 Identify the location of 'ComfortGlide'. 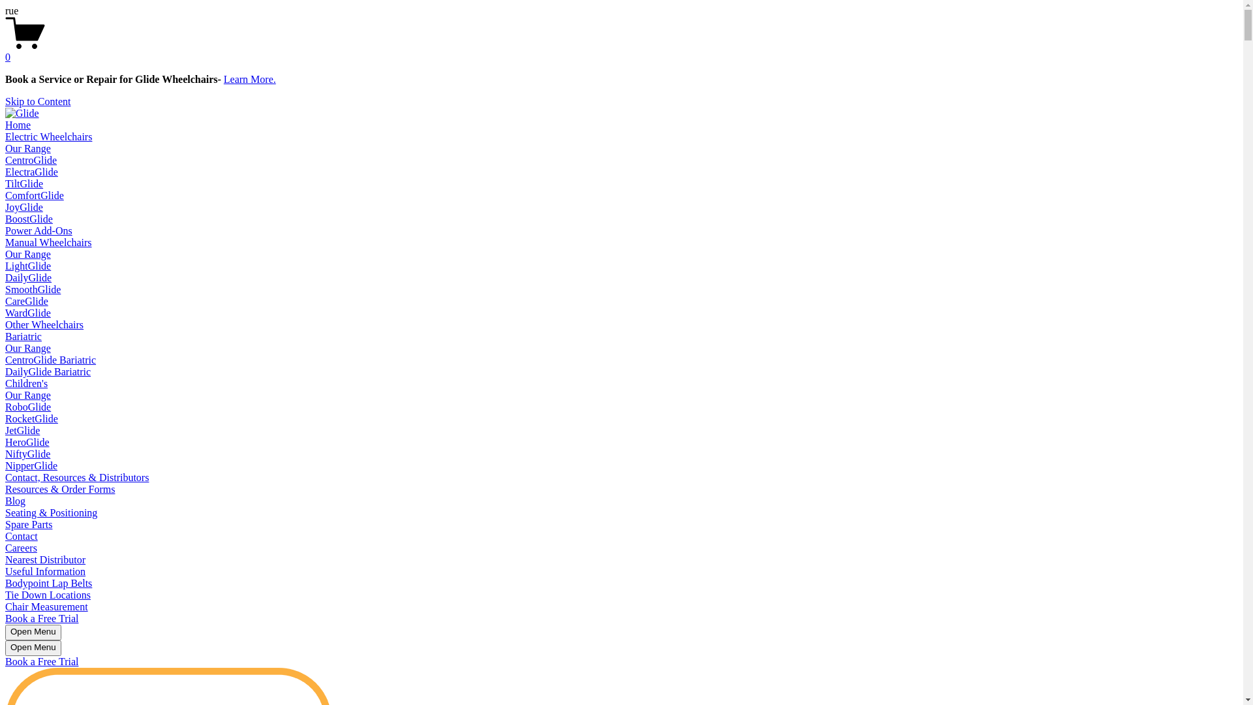
(34, 195).